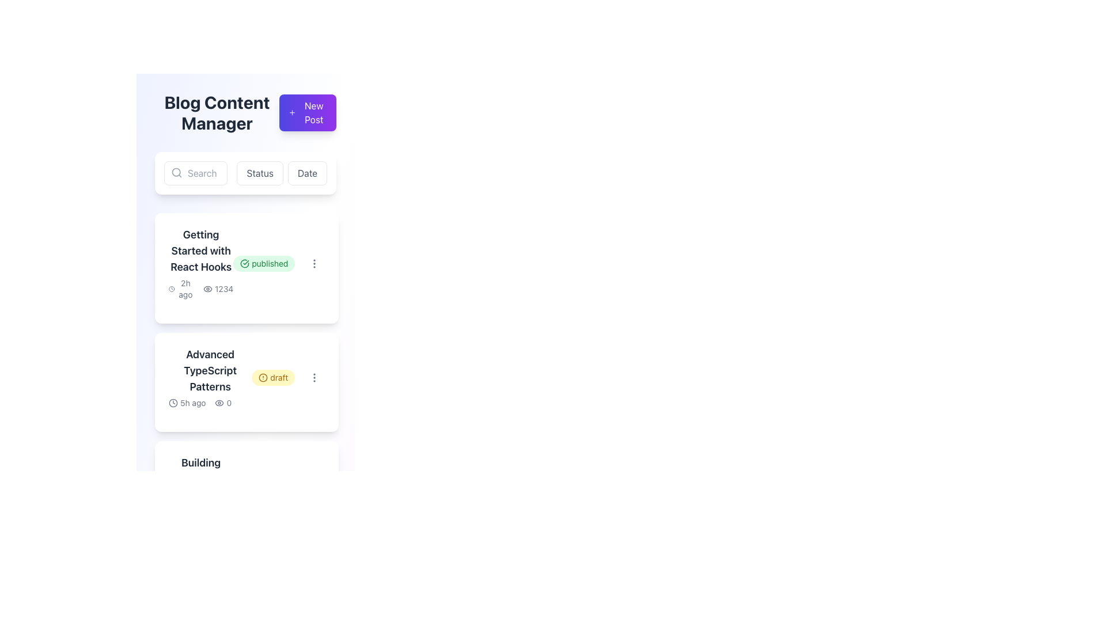  What do you see at coordinates (201, 250) in the screenshot?
I see `on the text label displaying 'Getting Started with React Hooks'` at bounding box center [201, 250].